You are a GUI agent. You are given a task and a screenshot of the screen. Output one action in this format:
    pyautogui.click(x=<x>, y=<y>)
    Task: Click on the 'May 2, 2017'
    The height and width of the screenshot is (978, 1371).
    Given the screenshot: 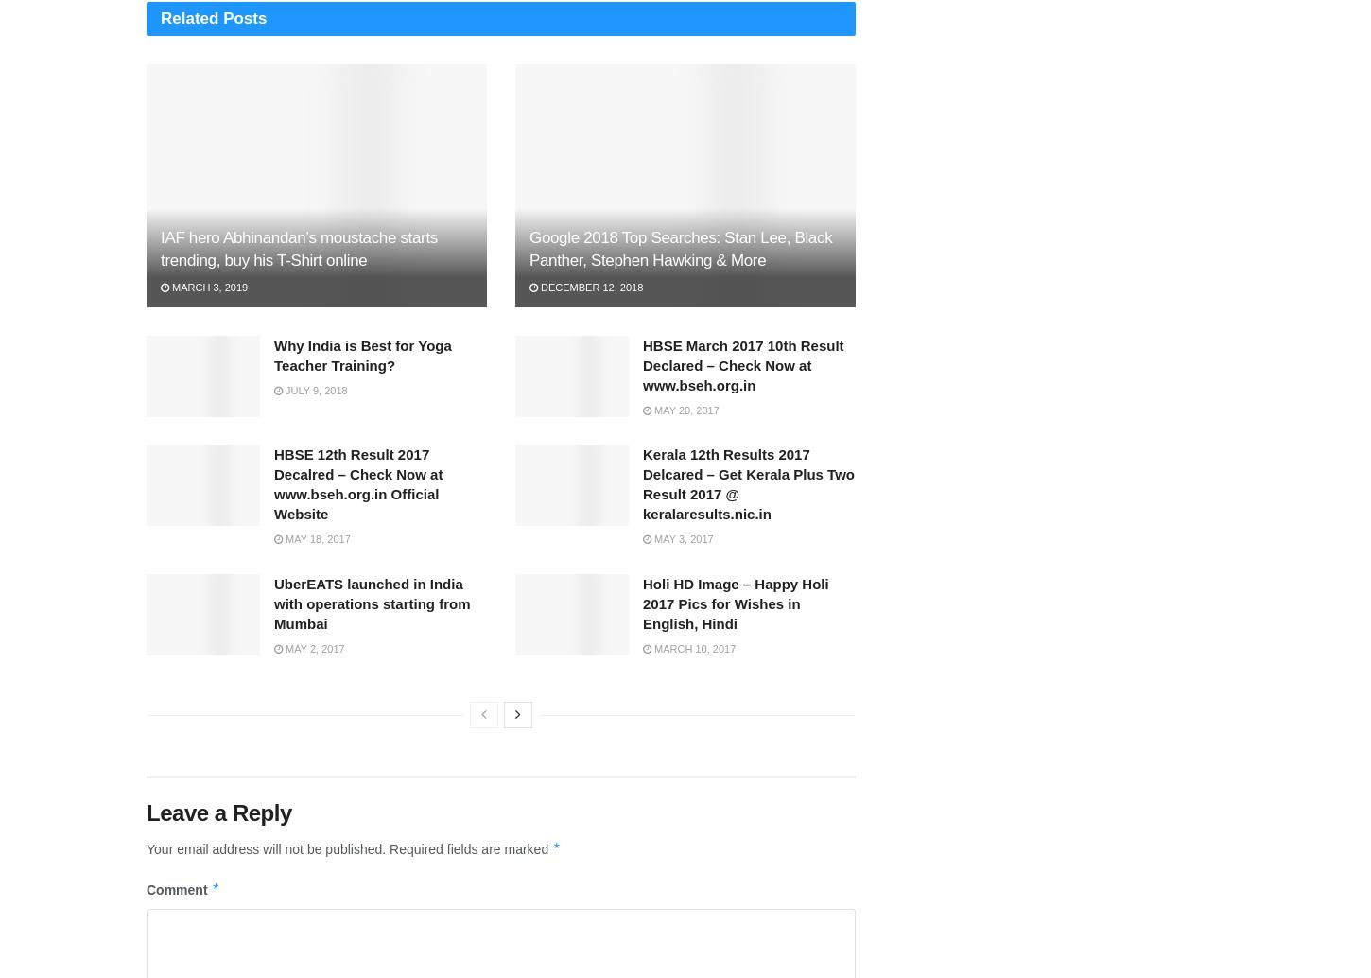 What is the action you would take?
    pyautogui.click(x=313, y=648)
    